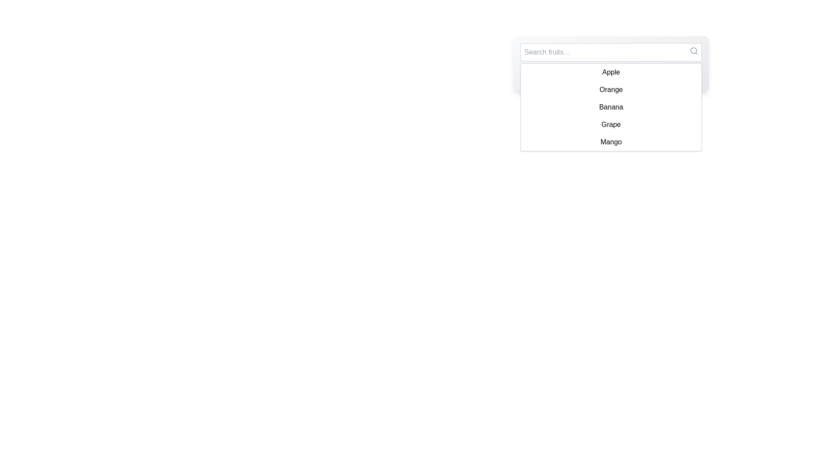  What do you see at coordinates (610, 74) in the screenshot?
I see `static text element displaying 'Selected Items:' located at the top of the section preceding selectable items` at bounding box center [610, 74].